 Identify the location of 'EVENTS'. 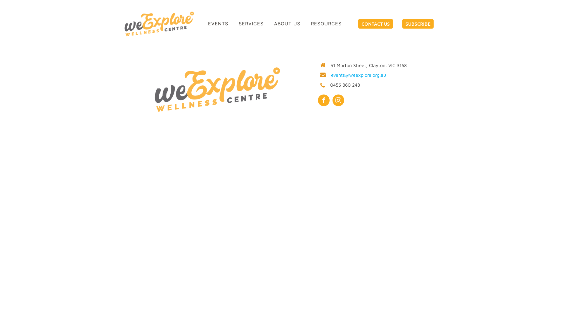
(218, 23).